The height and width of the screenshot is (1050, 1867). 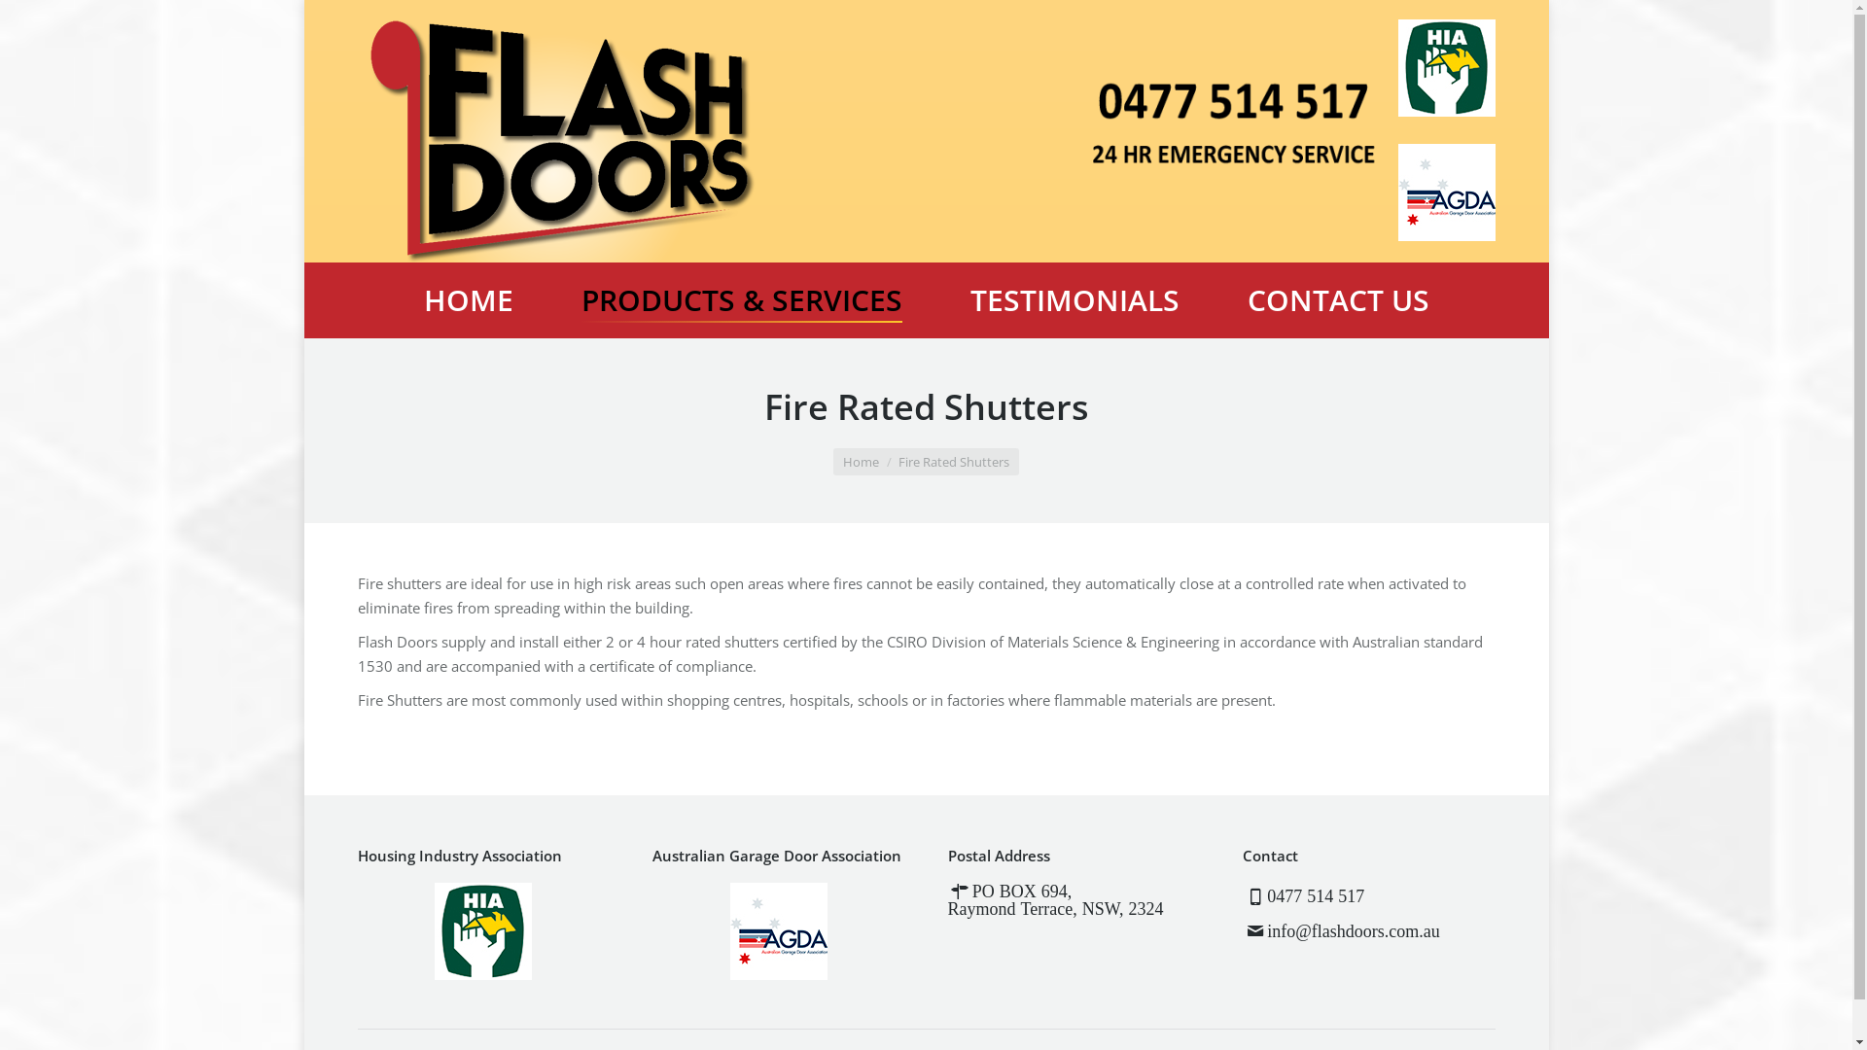 I want to click on 'TESTIMONIALS', so click(x=1073, y=299).